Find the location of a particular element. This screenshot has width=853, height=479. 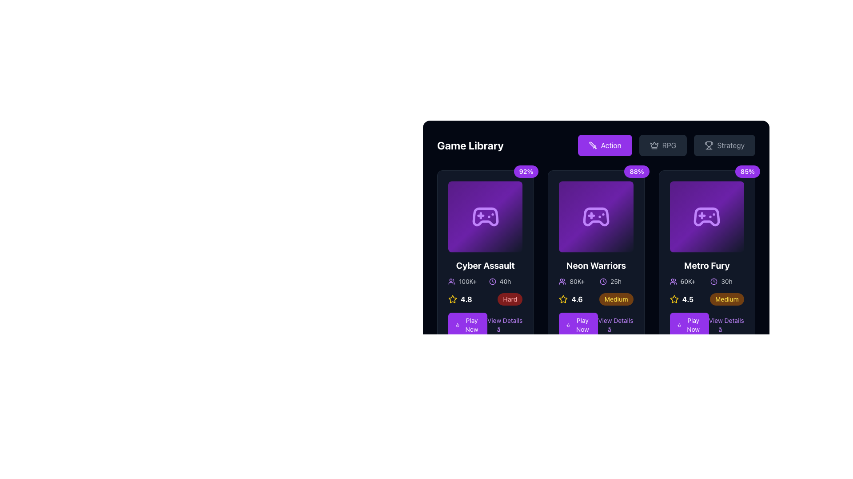

the yellow outline-shaped five-pointed star icon located below the 'Neon Warriors' game card in the rating section is located at coordinates (674, 299).